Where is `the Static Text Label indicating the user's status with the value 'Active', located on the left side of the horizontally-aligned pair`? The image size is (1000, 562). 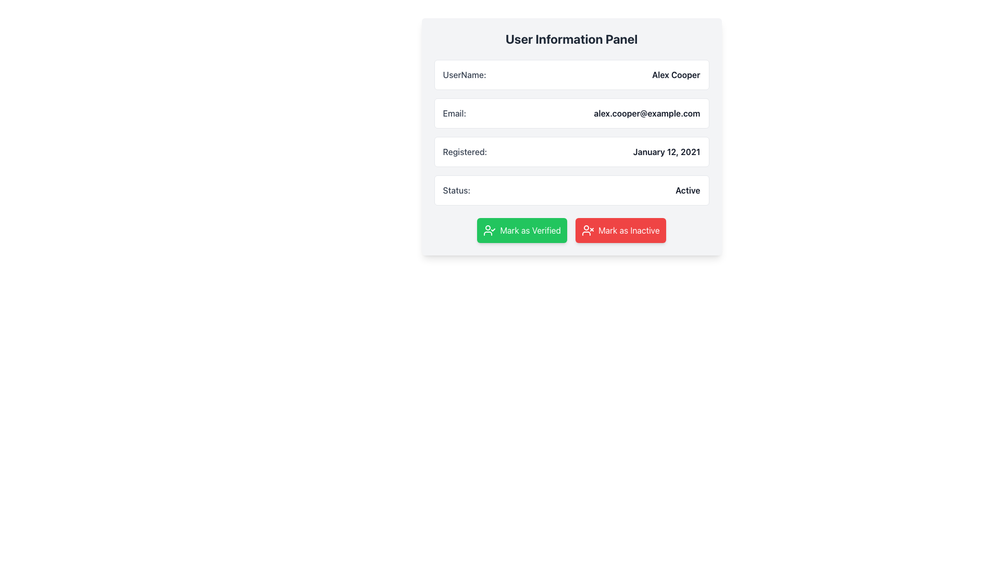 the Static Text Label indicating the user's status with the value 'Active', located on the left side of the horizontally-aligned pair is located at coordinates (456, 190).